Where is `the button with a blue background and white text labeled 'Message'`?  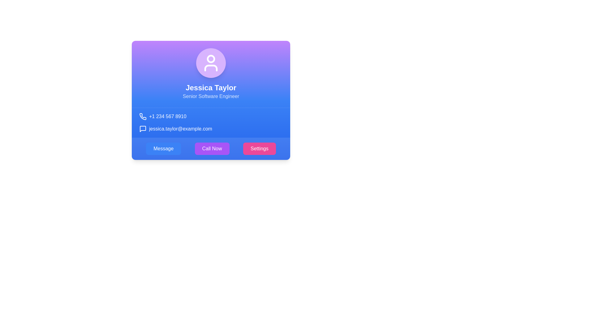 the button with a blue background and white text labeled 'Message' is located at coordinates (163, 149).